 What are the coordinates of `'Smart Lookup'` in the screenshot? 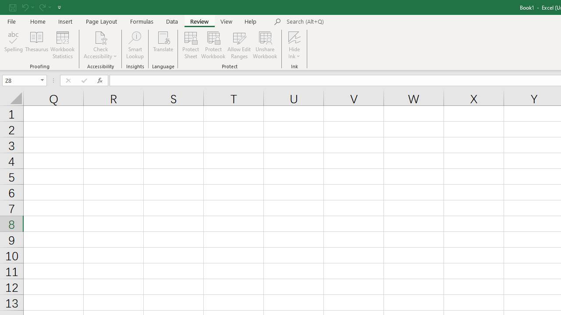 It's located at (135, 45).